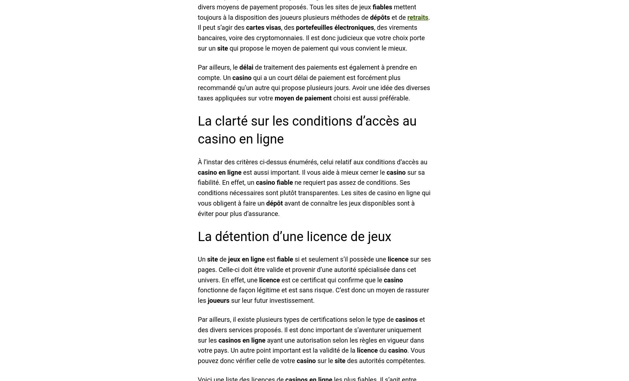  Describe the element at coordinates (313, 295) in the screenshot. I see `'fonctionne de façon légitime et est sans risque. C’est donc un moyen de rassurer les'` at that location.